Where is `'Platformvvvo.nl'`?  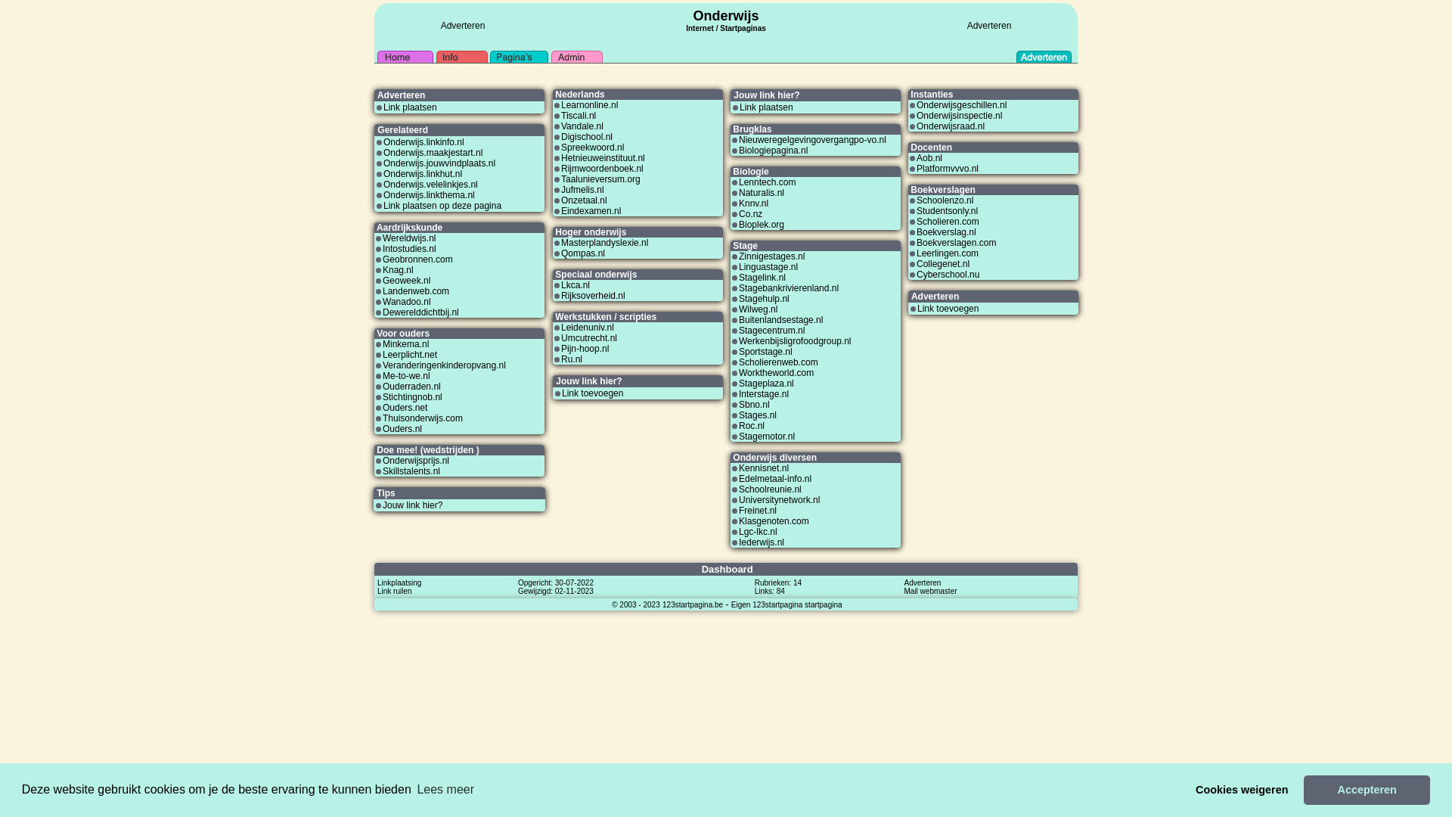
'Platformvvvo.nl' is located at coordinates (946, 169).